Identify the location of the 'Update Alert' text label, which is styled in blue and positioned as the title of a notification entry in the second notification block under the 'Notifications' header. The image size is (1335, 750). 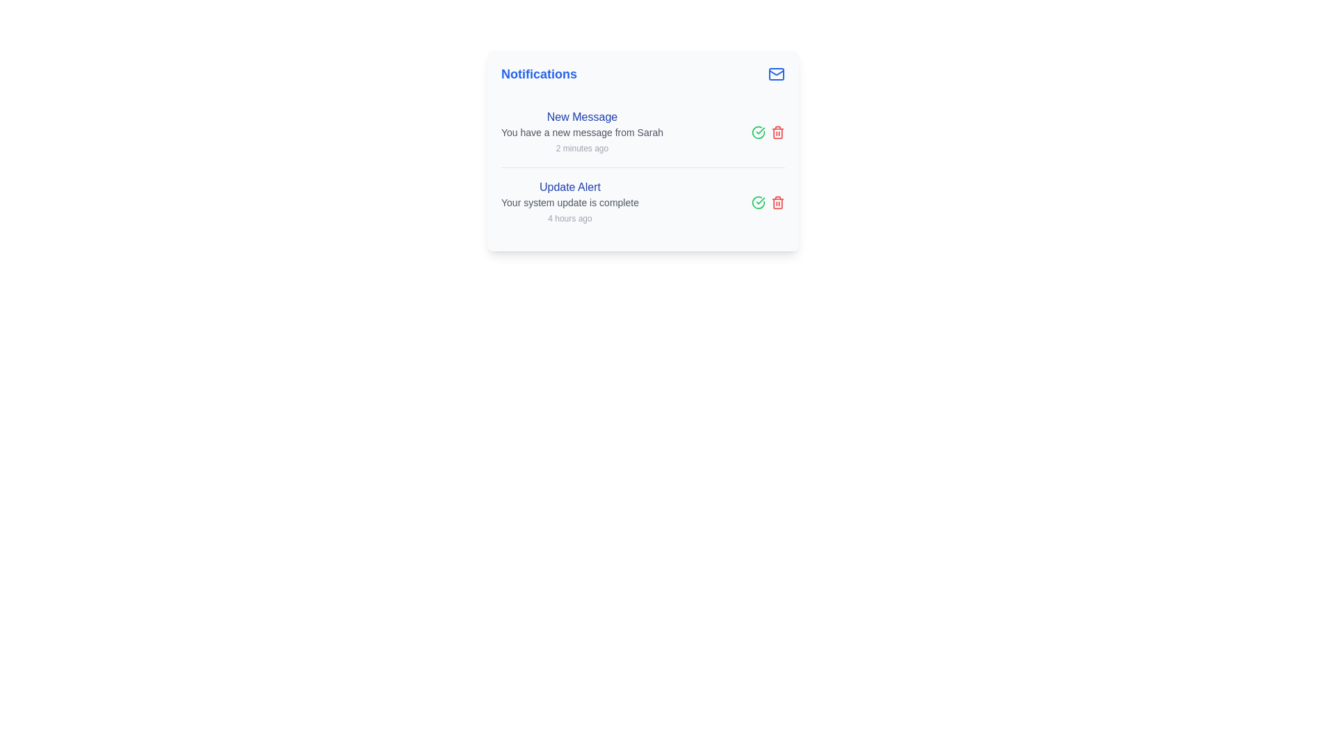
(570, 187).